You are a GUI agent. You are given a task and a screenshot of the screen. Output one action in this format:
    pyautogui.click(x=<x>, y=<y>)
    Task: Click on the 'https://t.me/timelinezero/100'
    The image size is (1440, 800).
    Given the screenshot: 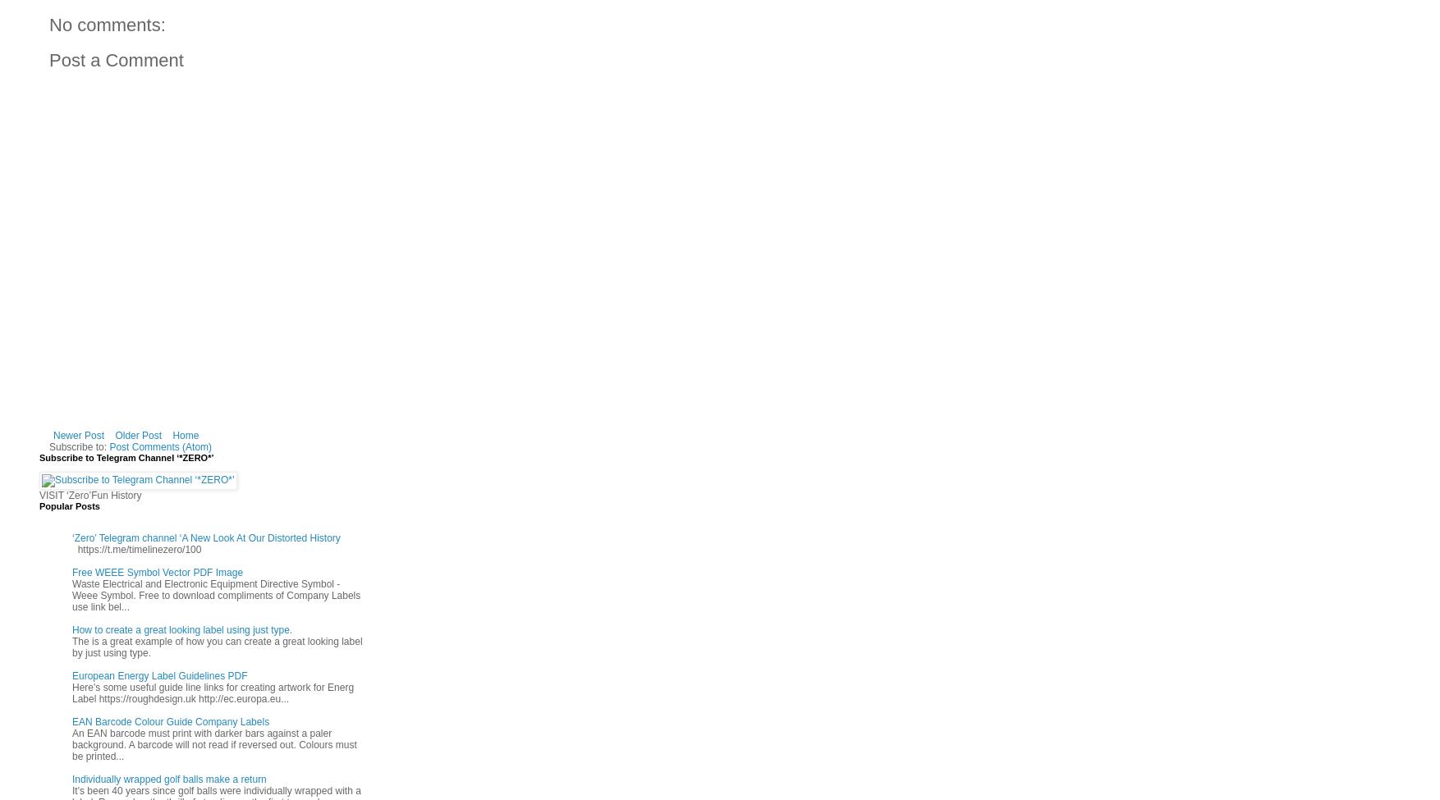 What is the action you would take?
    pyautogui.click(x=135, y=549)
    